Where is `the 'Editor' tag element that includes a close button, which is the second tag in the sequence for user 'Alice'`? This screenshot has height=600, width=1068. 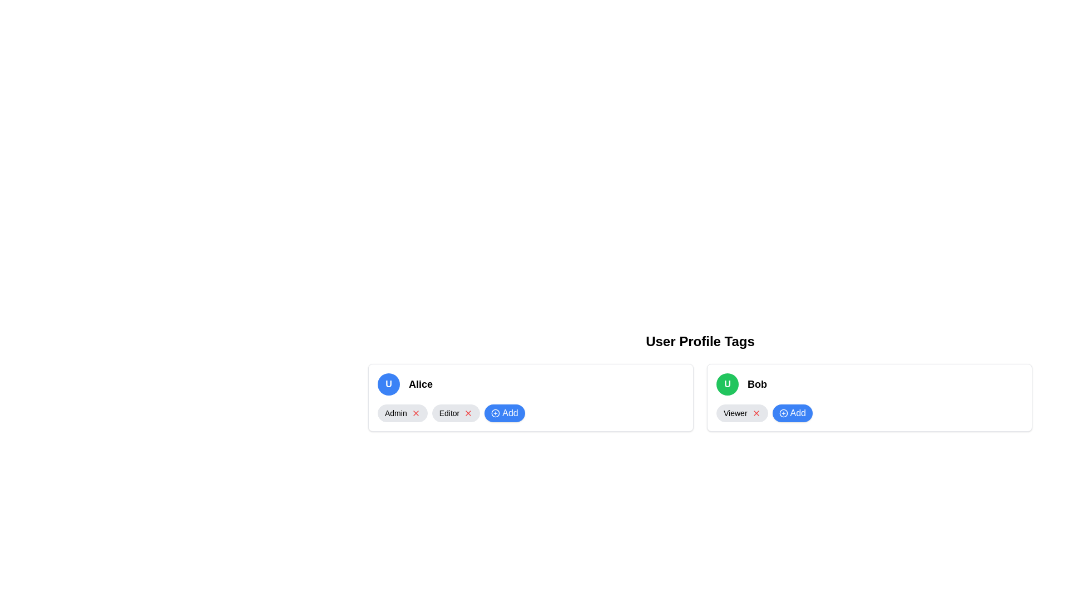 the 'Editor' tag element that includes a close button, which is the second tag in the sequence for user 'Alice' is located at coordinates (456, 413).